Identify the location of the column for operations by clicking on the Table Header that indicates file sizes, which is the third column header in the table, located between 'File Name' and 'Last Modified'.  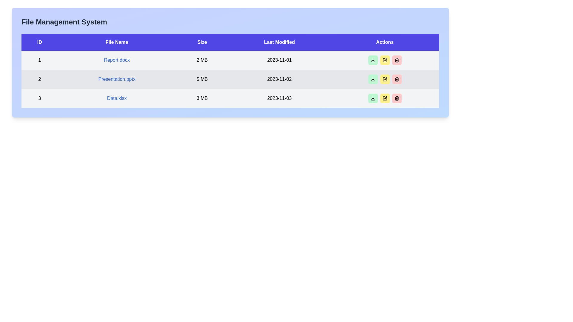
(202, 42).